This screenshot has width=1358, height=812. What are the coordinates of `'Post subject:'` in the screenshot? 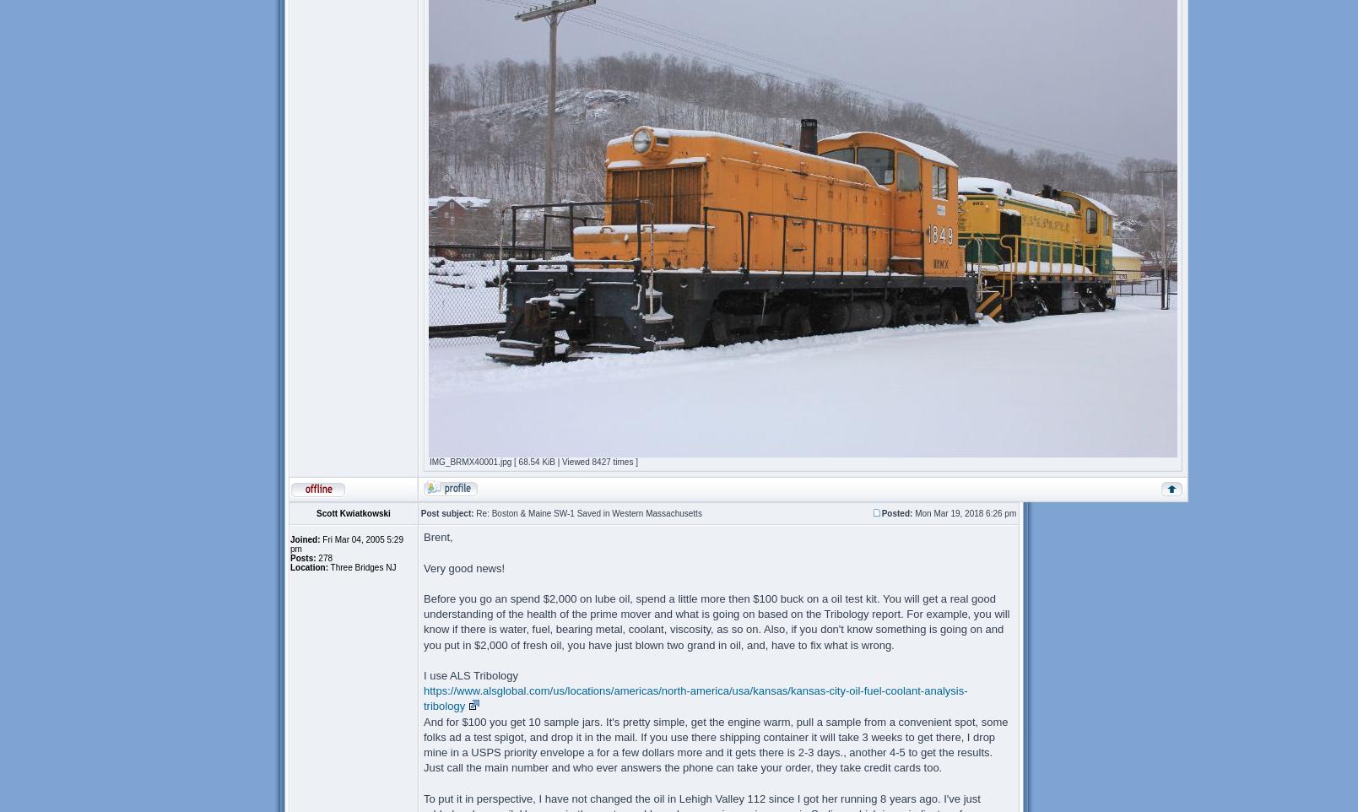 It's located at (446, 512).